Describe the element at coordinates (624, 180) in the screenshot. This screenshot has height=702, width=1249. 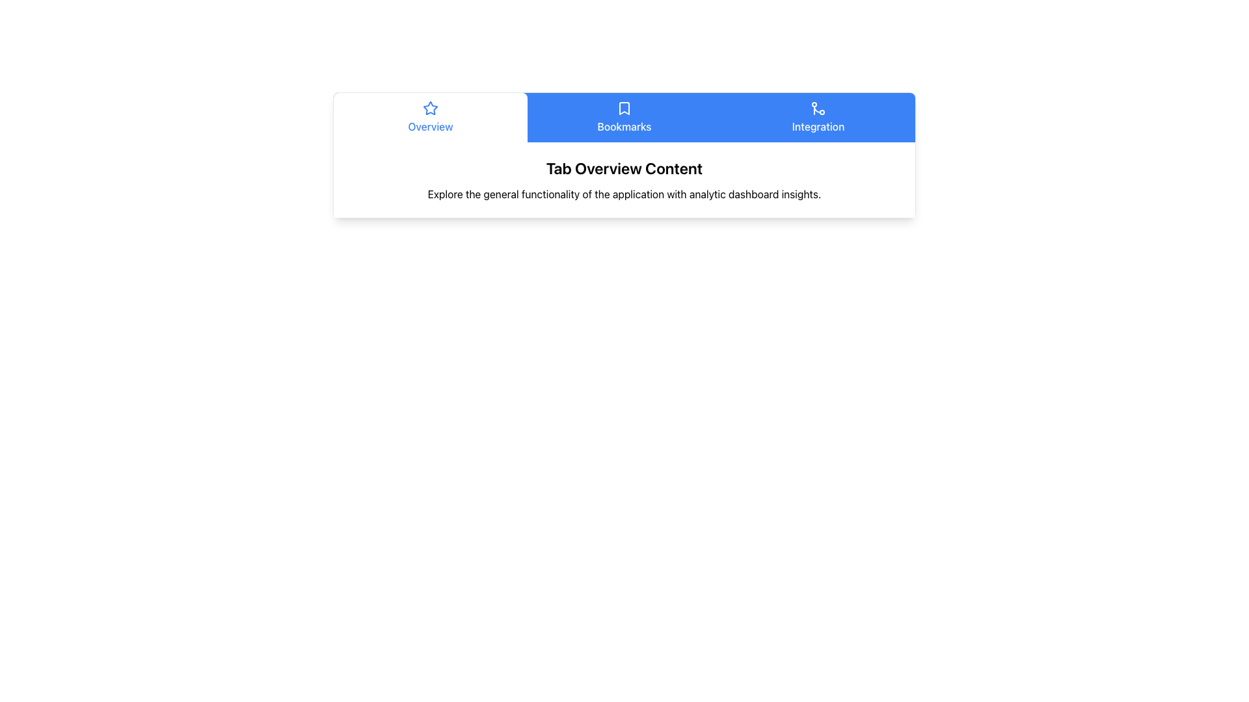
I see `the Informational Panel located centrally below the navigation tabs 'Overview', 'Bookmarks', and 'Integration'` at that location.